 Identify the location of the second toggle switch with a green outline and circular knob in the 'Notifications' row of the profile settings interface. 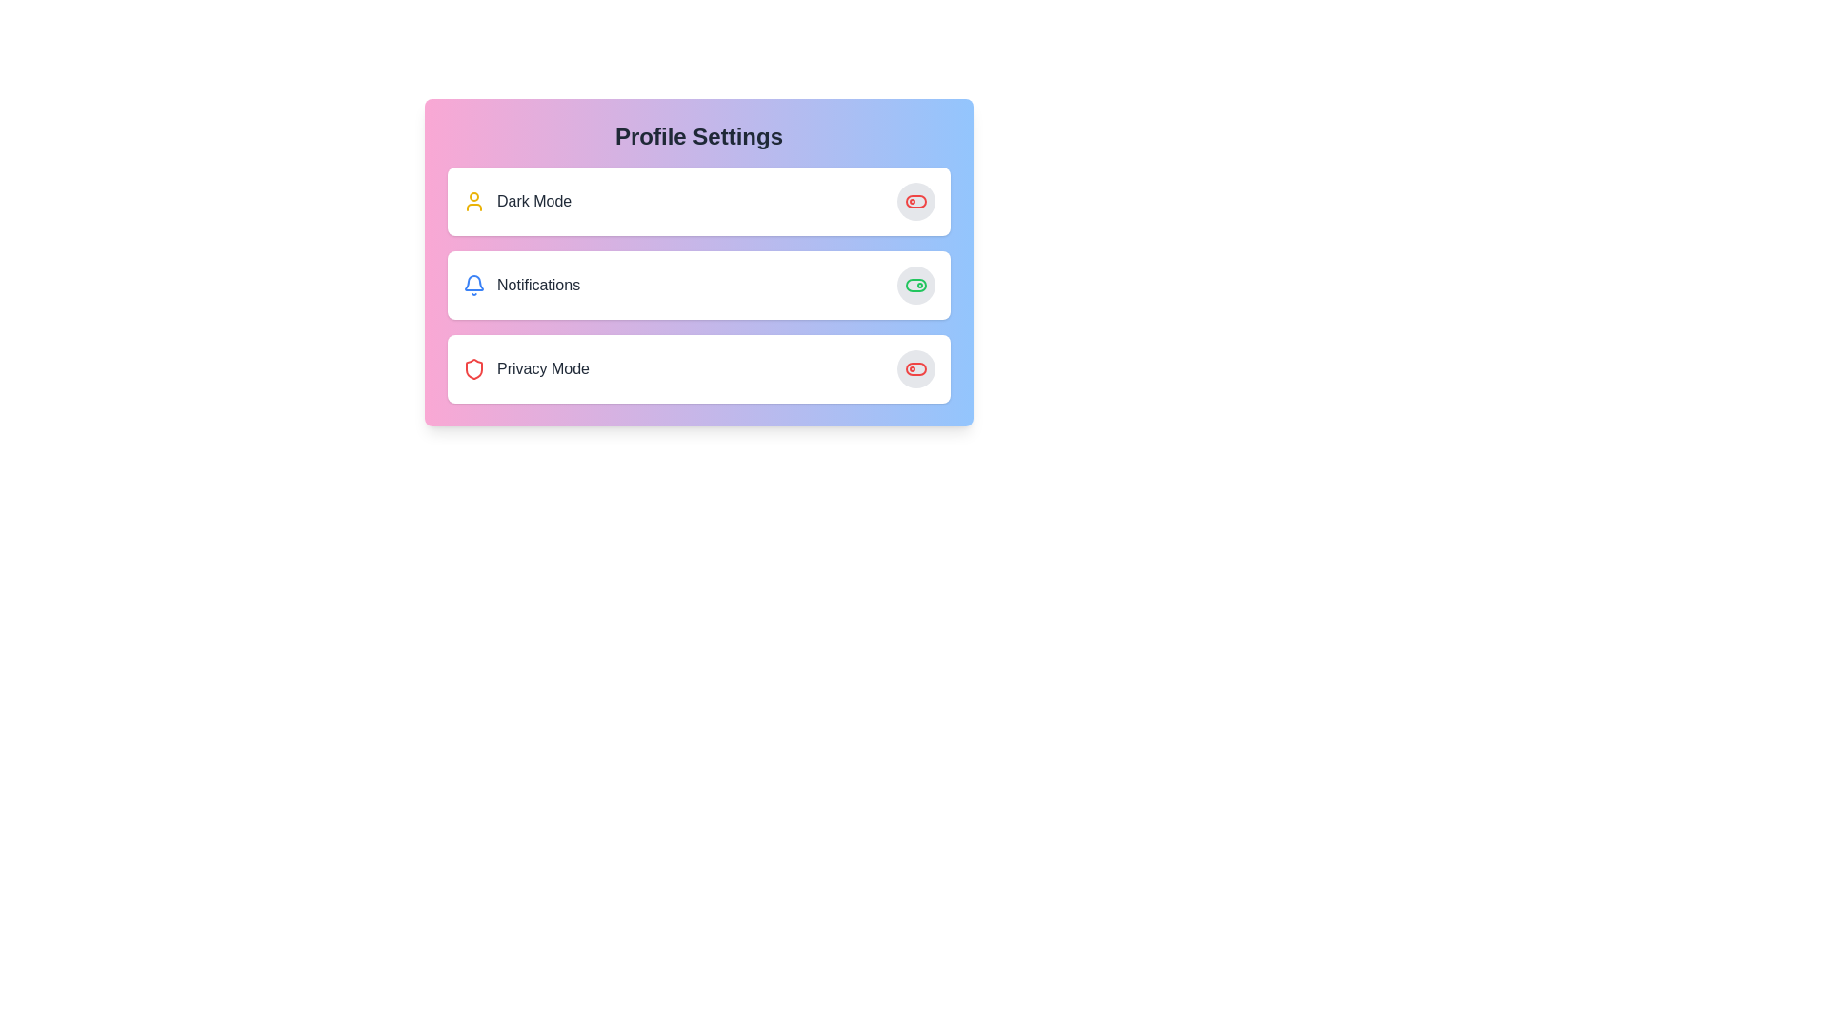
(915, 286).